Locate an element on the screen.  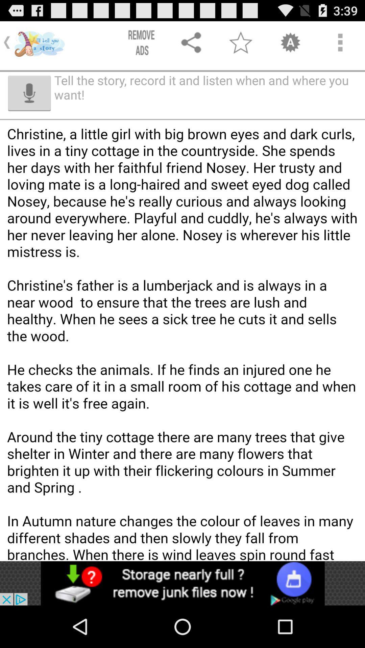
description is located at coordinates (182, 362).